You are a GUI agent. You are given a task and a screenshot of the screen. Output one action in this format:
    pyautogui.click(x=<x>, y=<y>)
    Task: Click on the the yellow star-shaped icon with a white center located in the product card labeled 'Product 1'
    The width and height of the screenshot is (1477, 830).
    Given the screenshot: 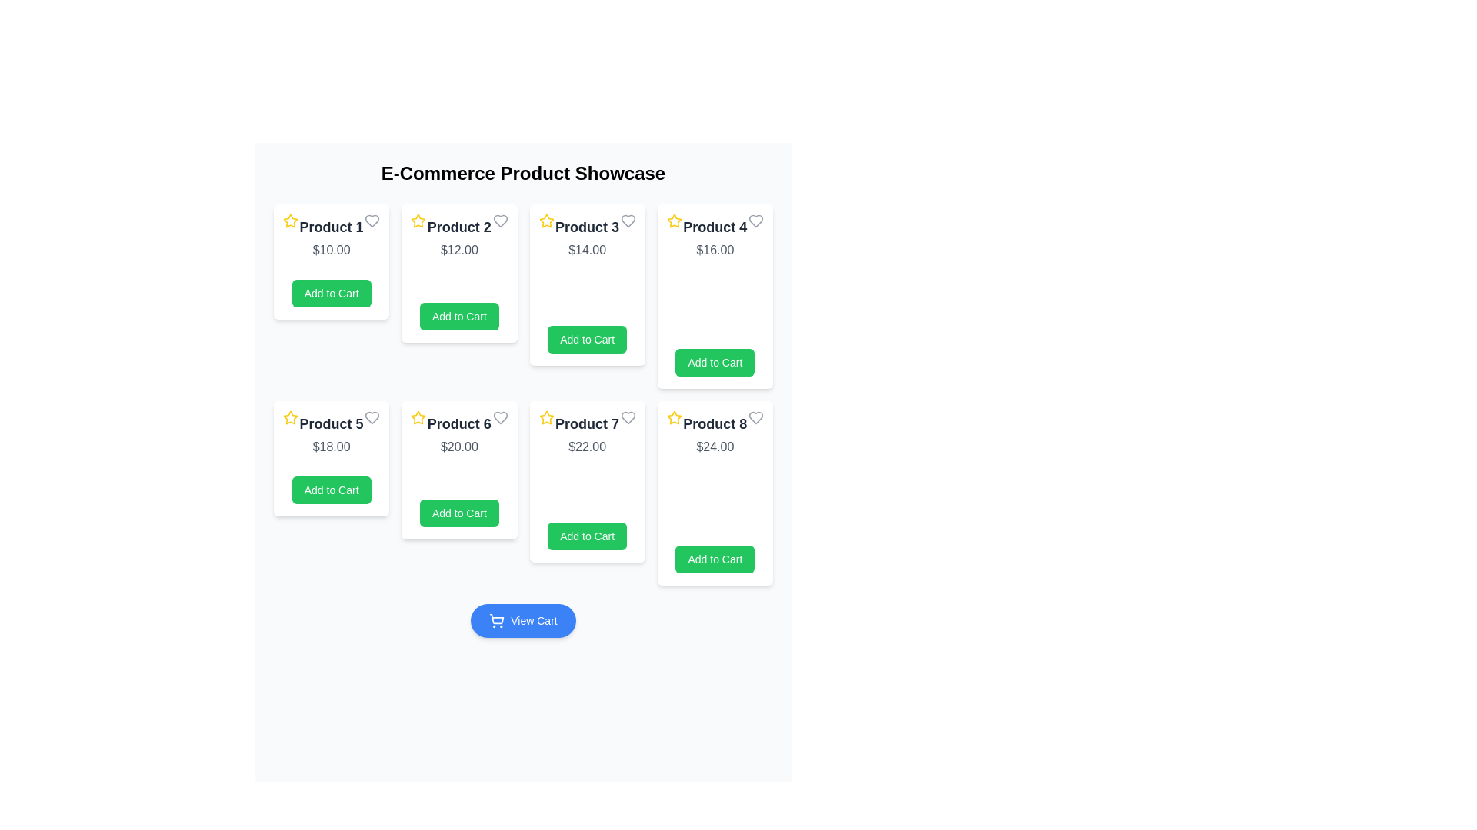 What is the action you would take?
    pyautogui.click(x=291, y=221)
    